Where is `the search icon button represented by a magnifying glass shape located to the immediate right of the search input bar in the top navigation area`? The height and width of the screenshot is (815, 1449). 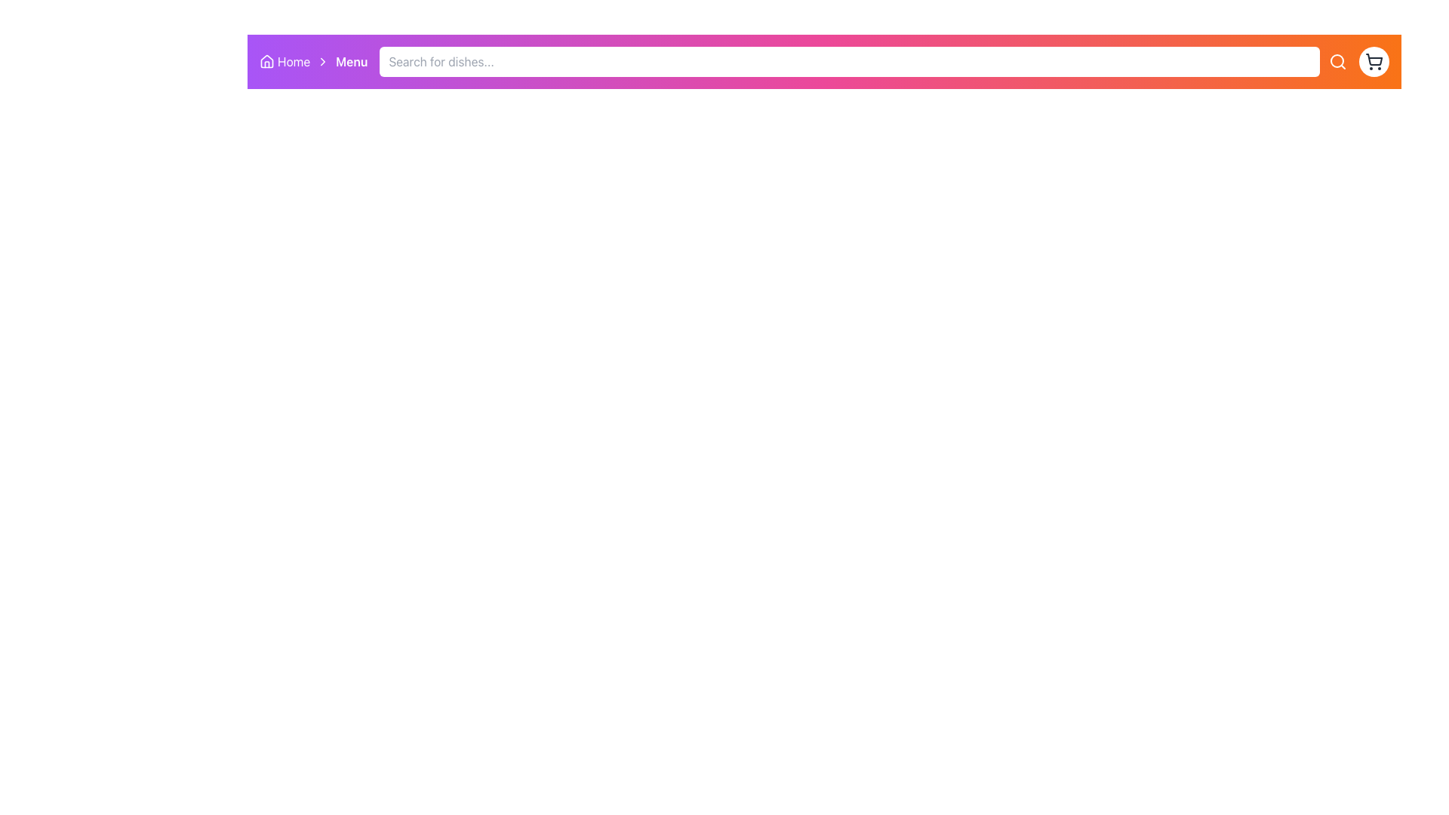 the search icon button represented by a magnifying glass shape located to the immediate right of the search input bar in the top navigation area is located at coordinates (1337, 60).